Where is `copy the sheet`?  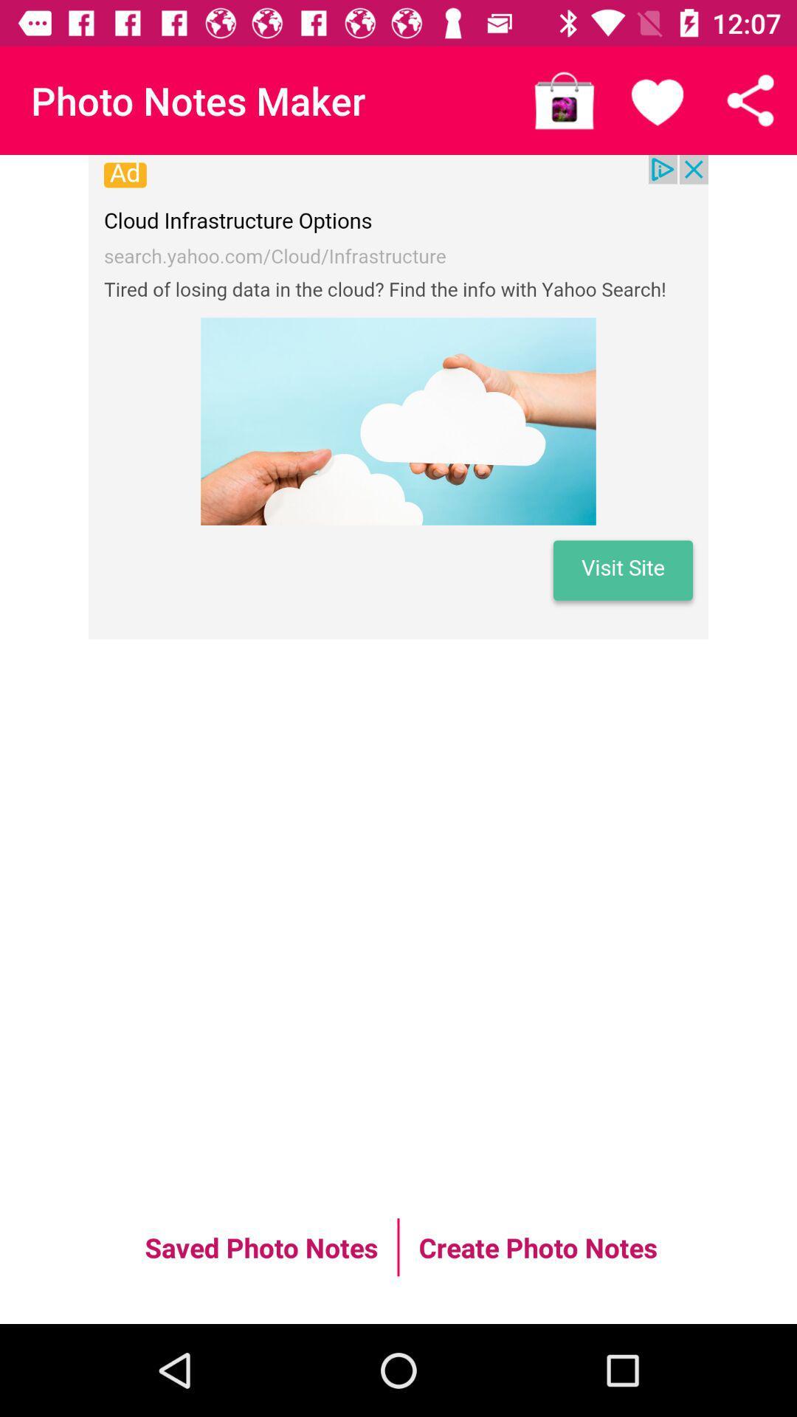 copy the sheet is located at coordinates (751, 100).